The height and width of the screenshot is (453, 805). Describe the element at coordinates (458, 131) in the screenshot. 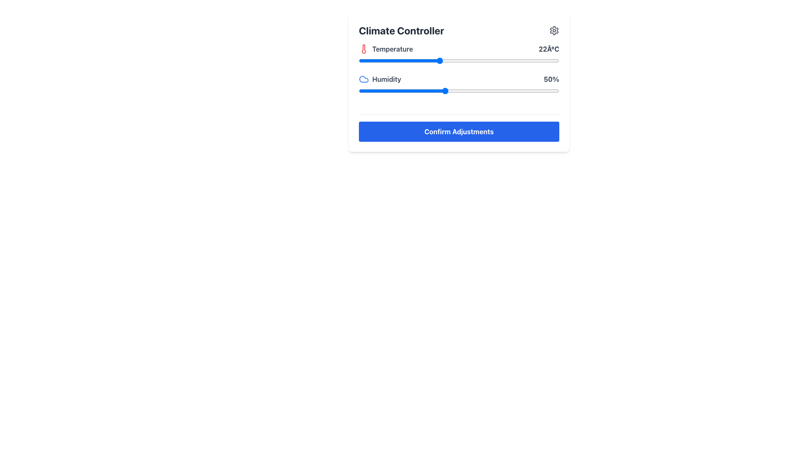

I see `the 'Confirm Adjustments' button, which is a rectangular button with rounded corners, featuring a vivid blue background and white bold text, located at the bottom of the 'Climate Controller' card` at that location.